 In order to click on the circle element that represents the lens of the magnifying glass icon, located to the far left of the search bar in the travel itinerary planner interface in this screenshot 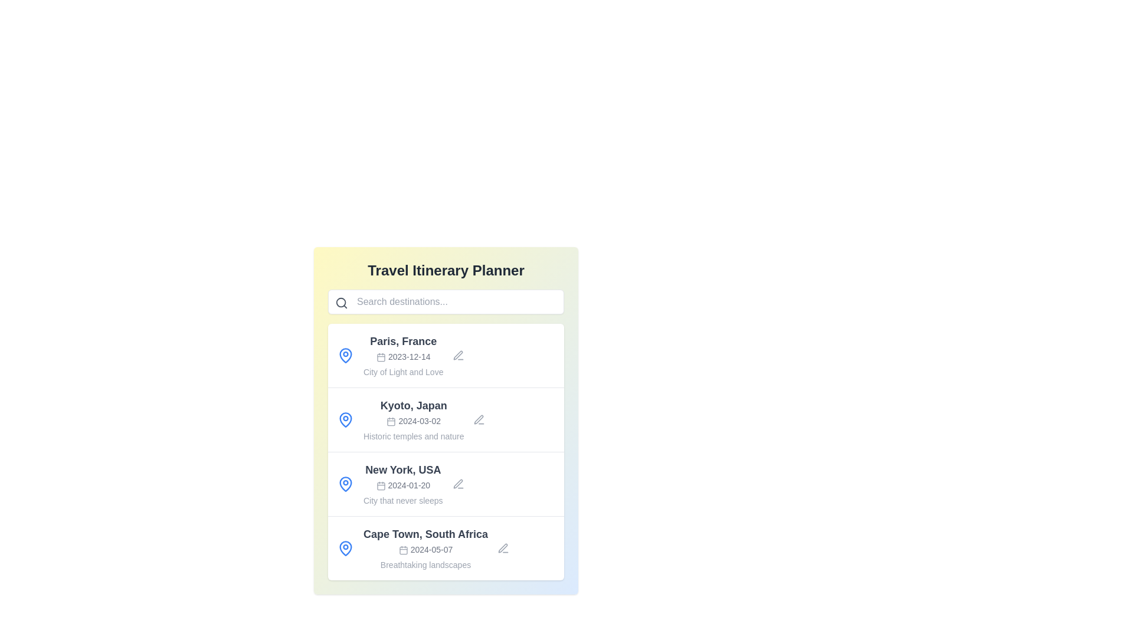, I will do `click(340, 302)`.